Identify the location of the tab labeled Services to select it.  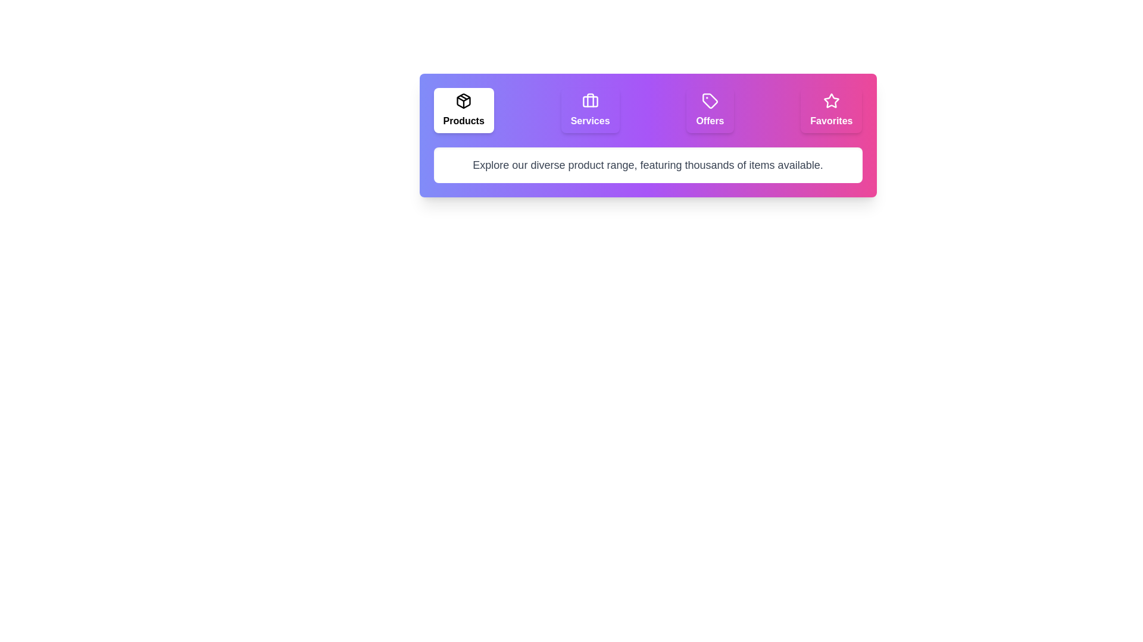
(589, 110).